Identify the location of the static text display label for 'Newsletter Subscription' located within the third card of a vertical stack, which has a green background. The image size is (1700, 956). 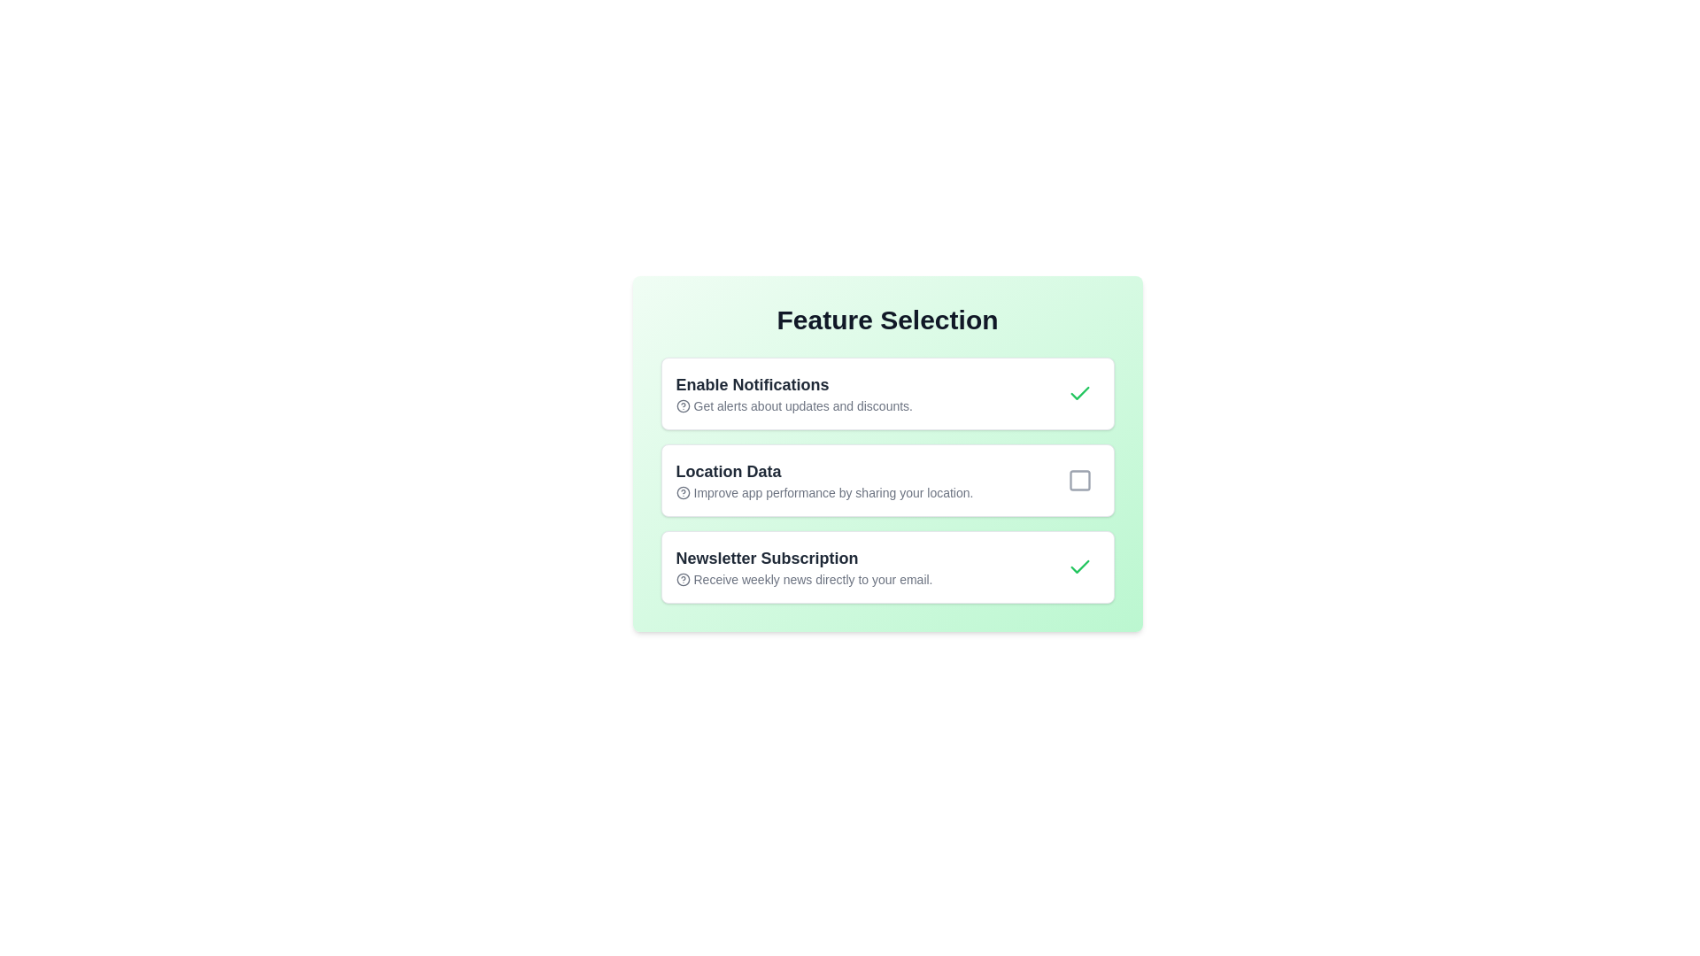
(803, 567).